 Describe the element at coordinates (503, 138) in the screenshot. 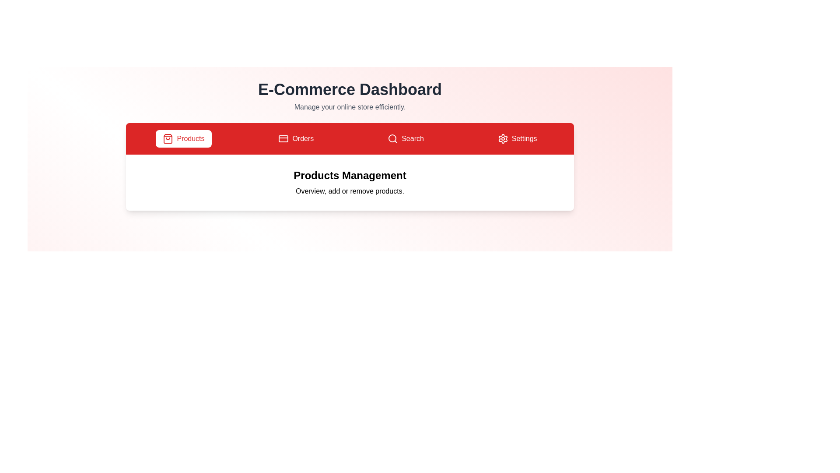

I see `the gear-shaped SVG icon within the navigation bar, the fourth item on the right` at that location.